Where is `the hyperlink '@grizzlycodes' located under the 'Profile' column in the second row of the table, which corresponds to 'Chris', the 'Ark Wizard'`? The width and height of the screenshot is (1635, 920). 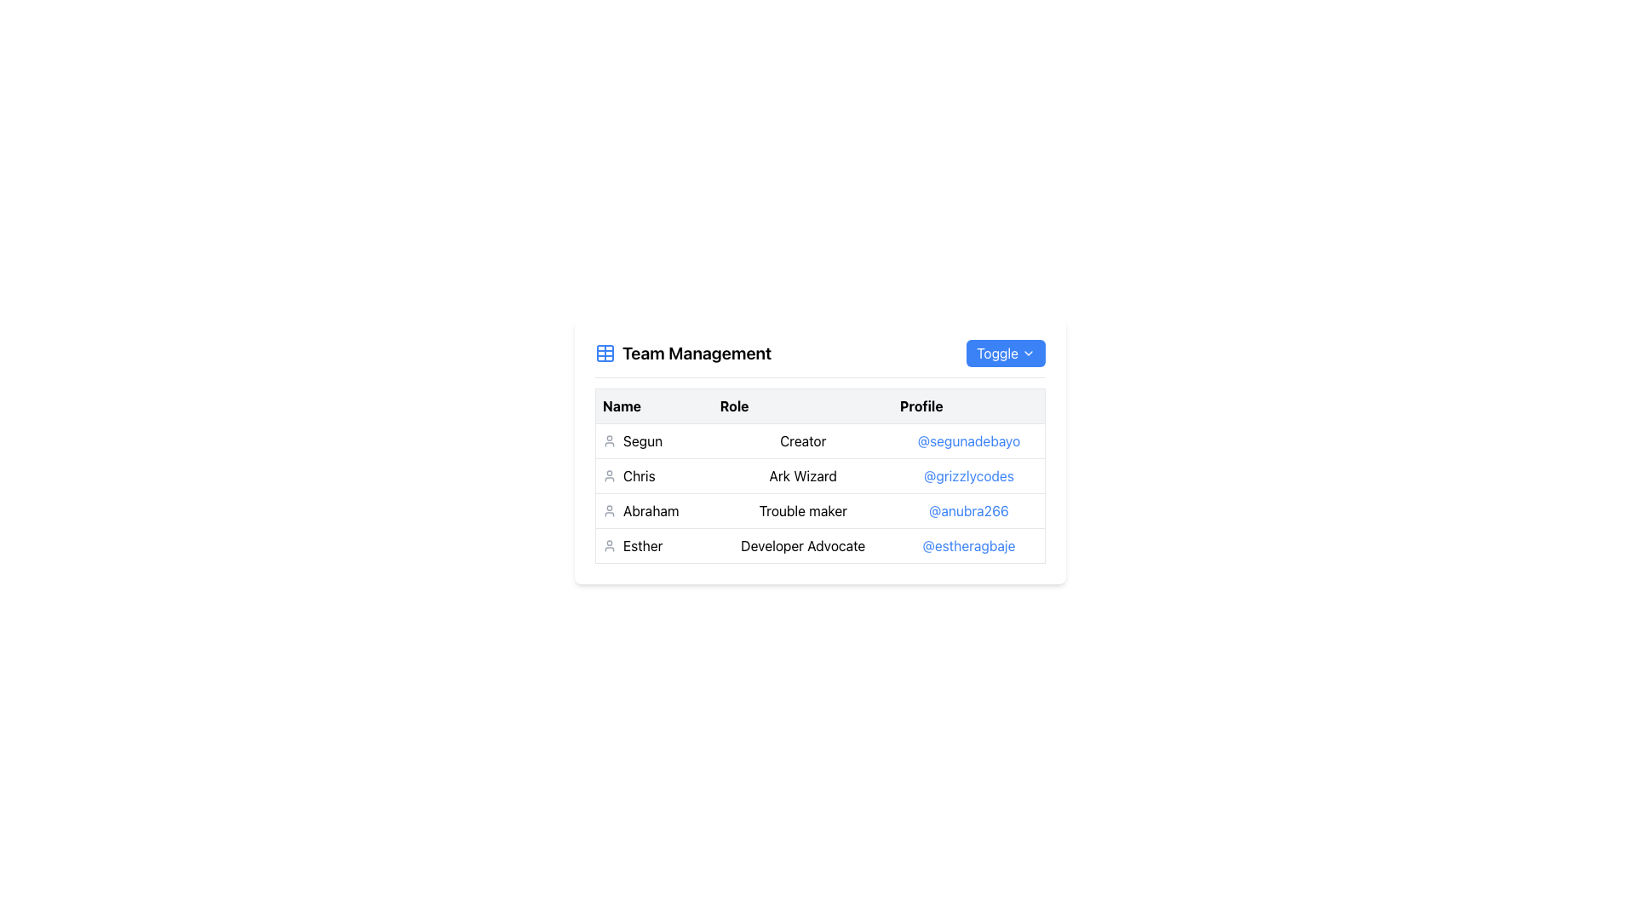 the hyperlink '@grizzlycodes' located under the 'Profile' column in the second row of the table, which corresponds to 'Chris', the 'Ark Wizard' is located at coordinates (968, 476).